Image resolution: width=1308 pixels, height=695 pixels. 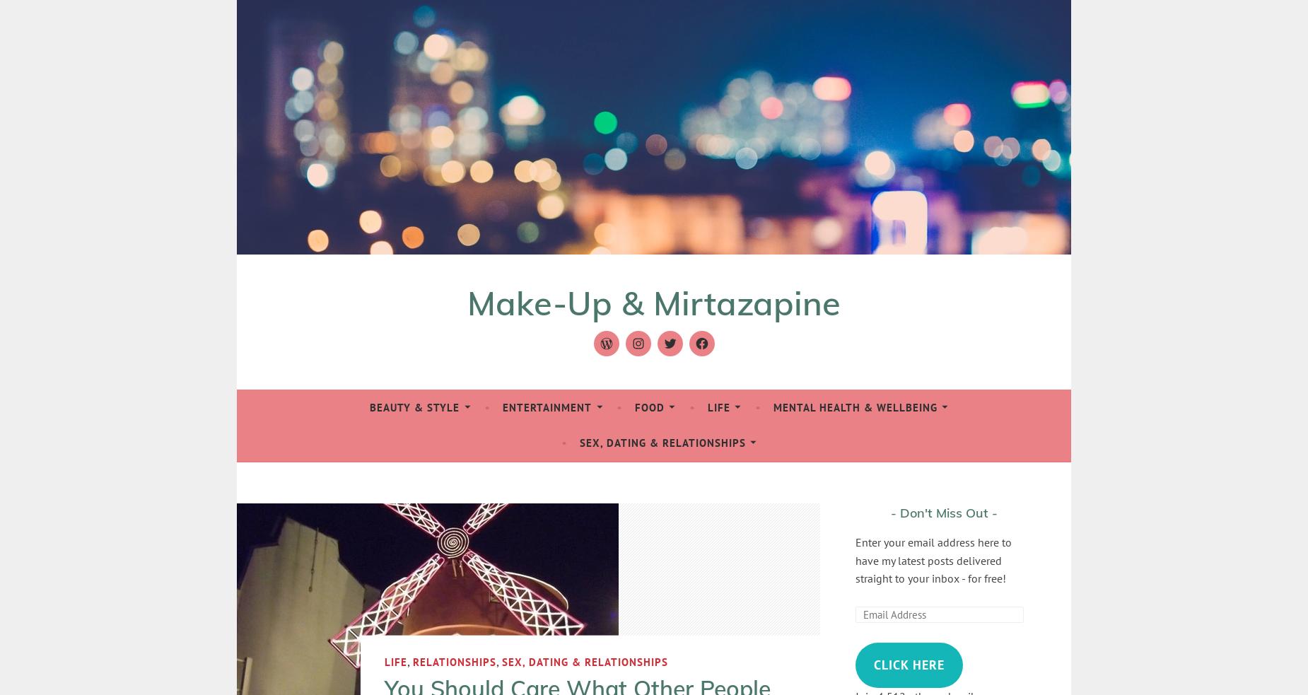 What do you see at coordinates (899, 511) in the screenshot?
I see `'Don't Miss Out'` at bounding box center [899, 511].